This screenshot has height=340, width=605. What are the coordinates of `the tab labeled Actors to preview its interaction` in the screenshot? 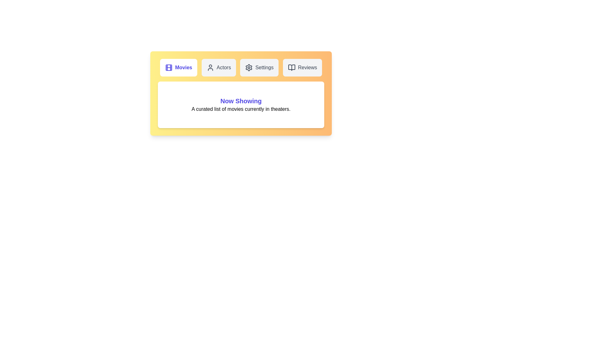 It's located at (219, 68).